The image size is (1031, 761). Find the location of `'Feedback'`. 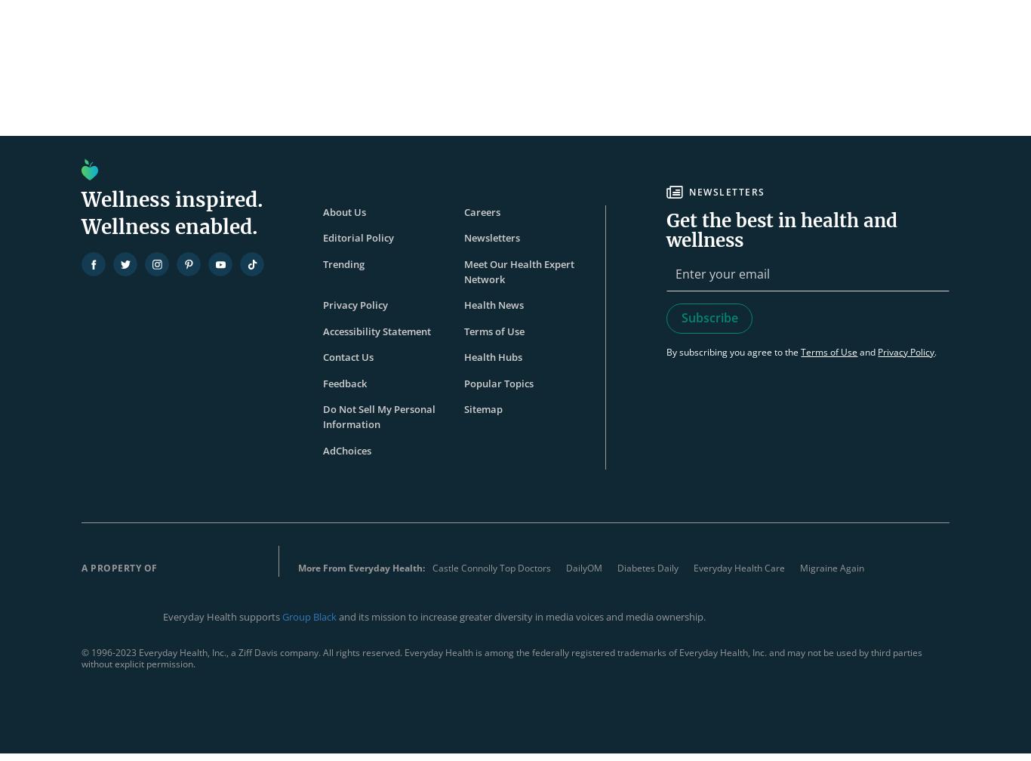

'Feedback' is located at coordinates (322, 383).